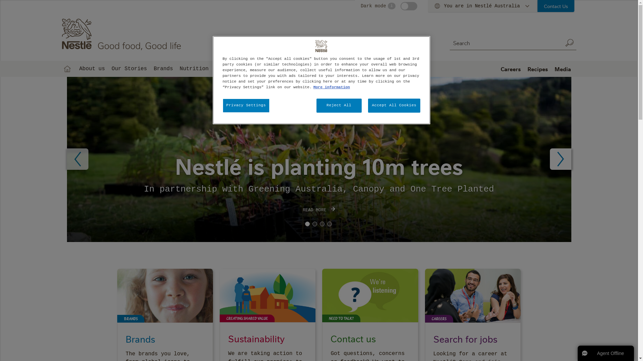  Describe the element at coordinates (321, 46) in the screenshot. I see `'Company Logo'` at that location.